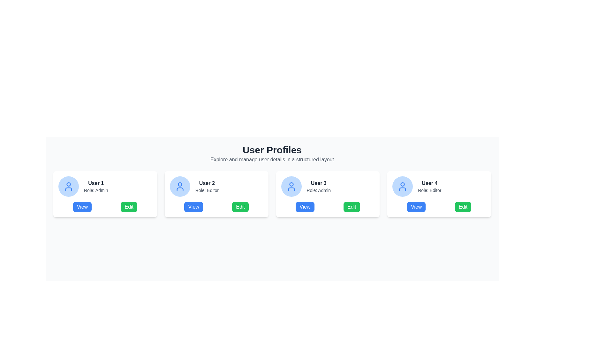  What do you see at coordinates (216, 186) in the screenshot?
I see `displayed information from the text label with an associated minimal icon located in the second card of the user profiles section` at bounding box center [216, 186].